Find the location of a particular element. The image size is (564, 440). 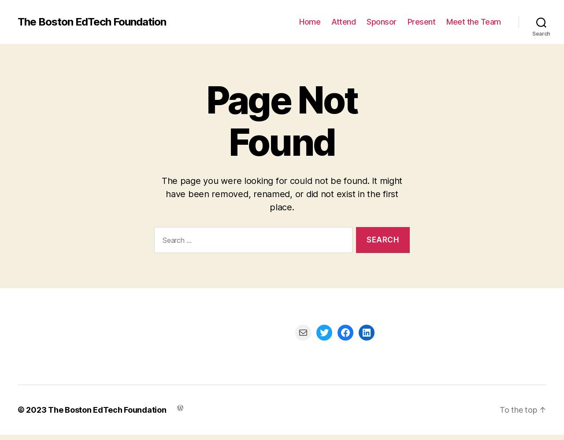

'Page Not Found' is located at coordinates (281, 121).